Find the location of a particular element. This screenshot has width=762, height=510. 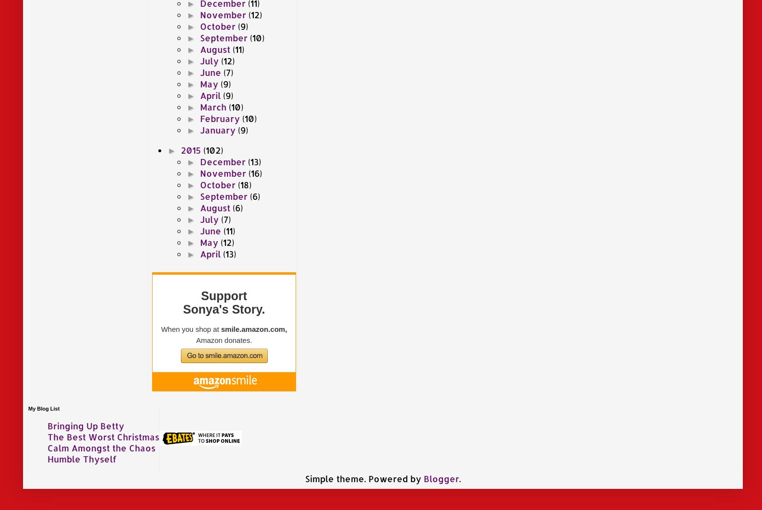

'(18)' is located at coordinates (243, 183).